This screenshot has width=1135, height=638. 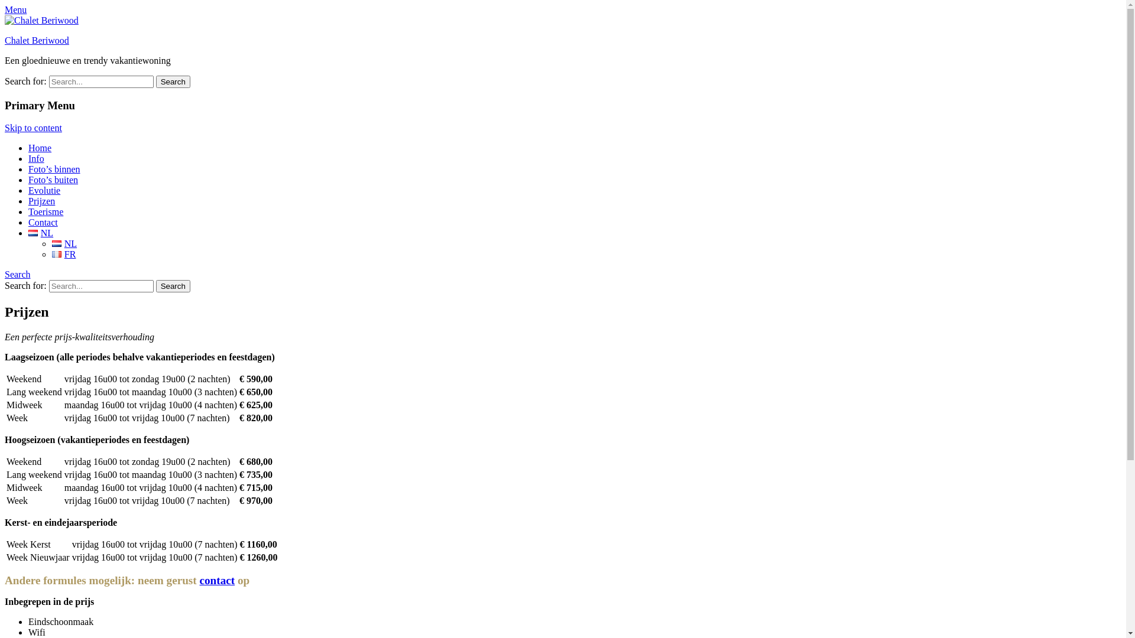 I want to click on 'Home', so click(x=40, y=147).